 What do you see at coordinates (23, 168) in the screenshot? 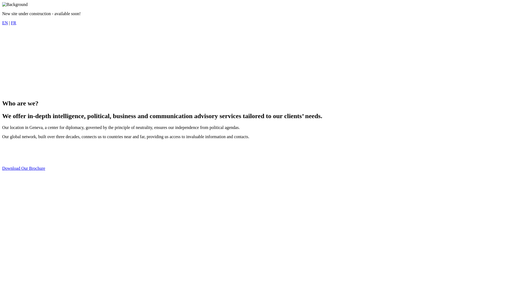
I see `'Download Our Brochure'` at bounding box center [23, 168].